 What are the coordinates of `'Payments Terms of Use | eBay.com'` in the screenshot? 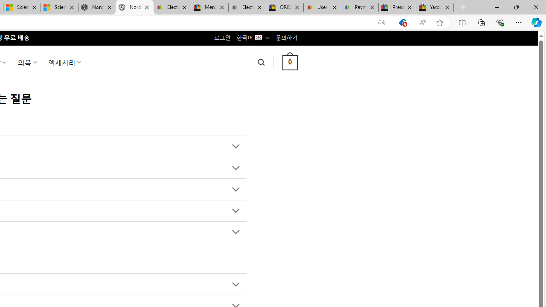 It's located at (360, 7).